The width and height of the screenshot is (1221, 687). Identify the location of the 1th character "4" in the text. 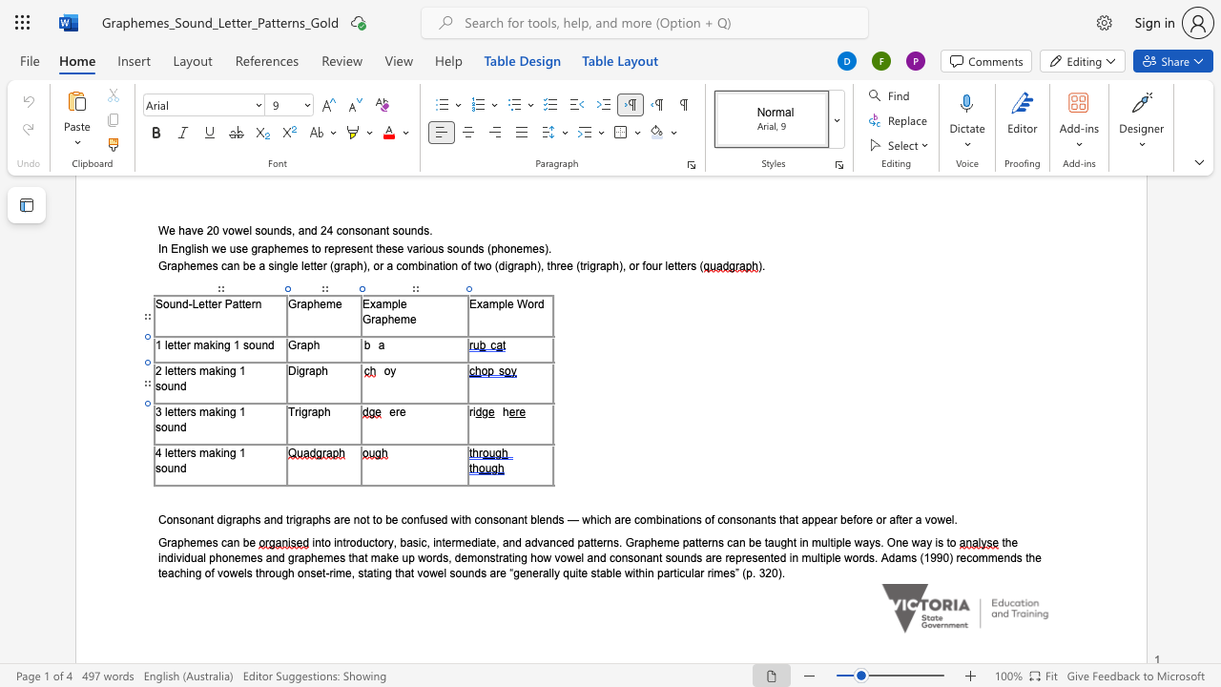
(158, 452).